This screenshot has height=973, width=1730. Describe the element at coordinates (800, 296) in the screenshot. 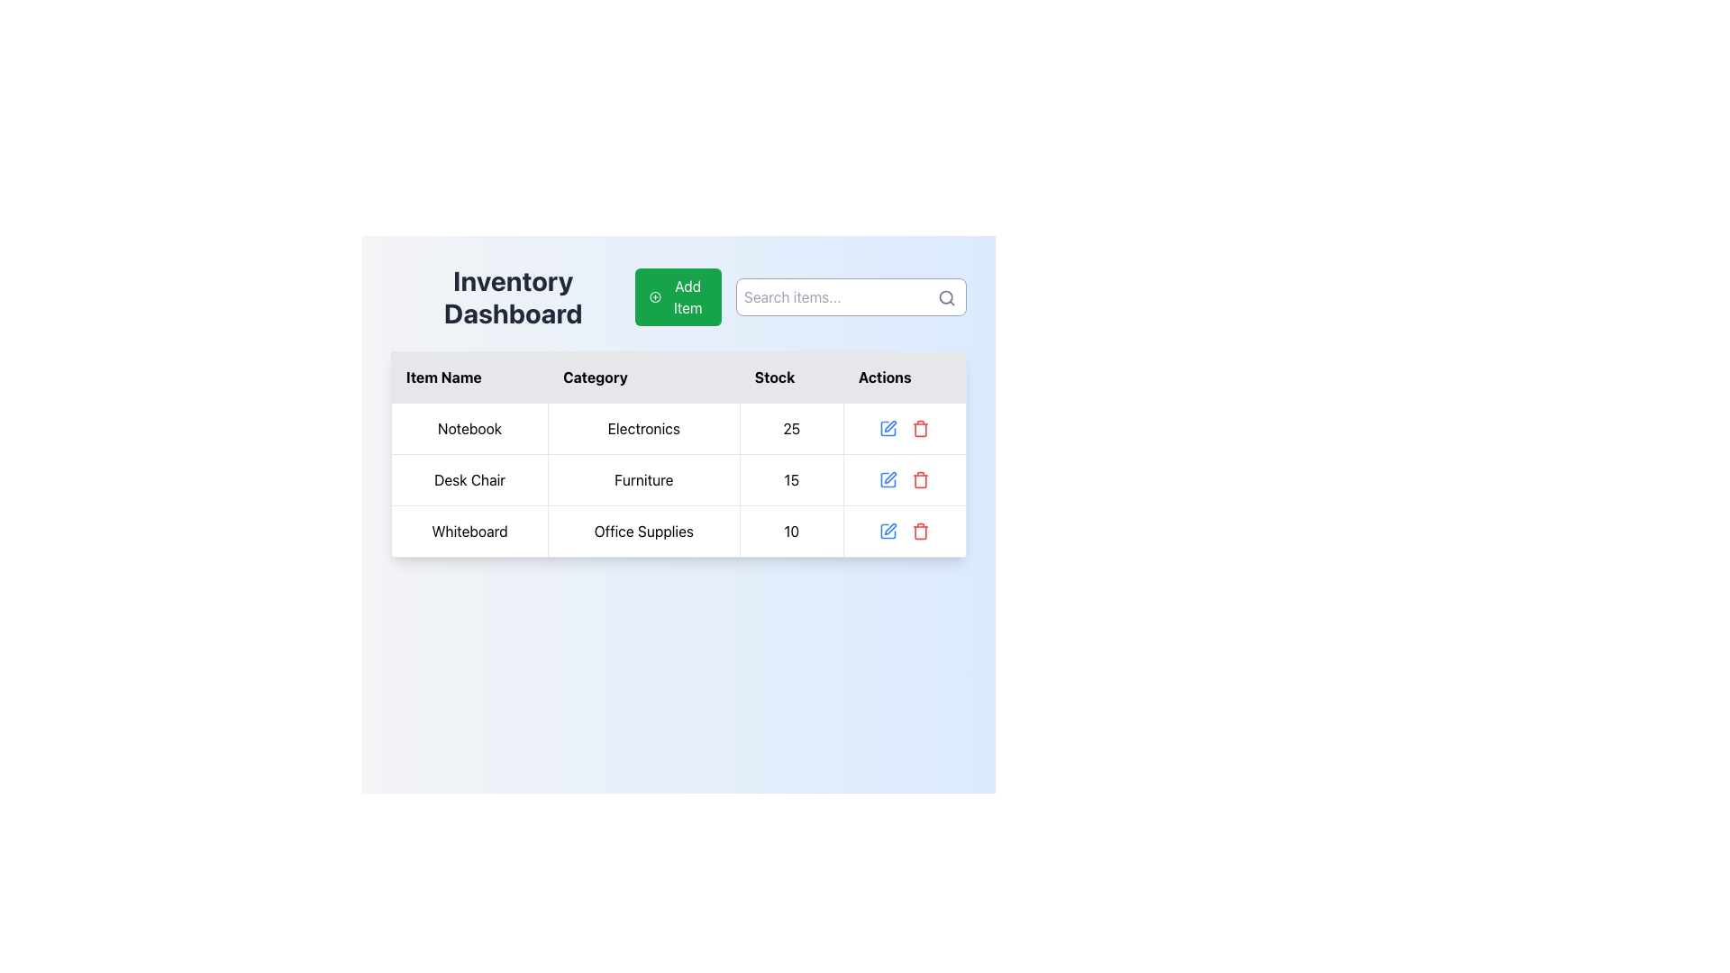

I see `the text input field with the placeholder 'Search items...' to focus on it` at that location.